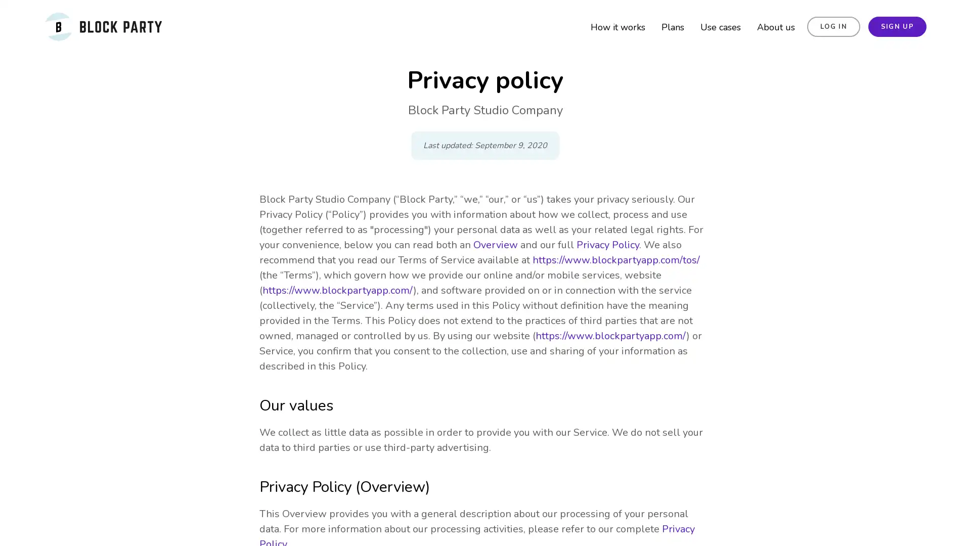 The image size is (971, 546). Describe the element at coordinates (833, 26) in the screenshot. I see `LOG IN` at that location.